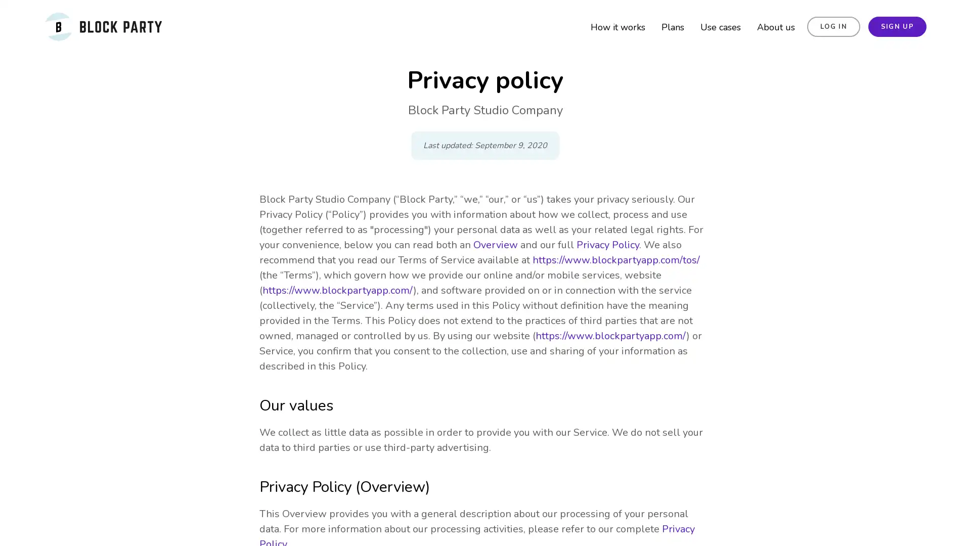 The image size is (971, 546). Describe the element at coordinates (833, 26) in the screenshot. I see `LOG IN` at that location.